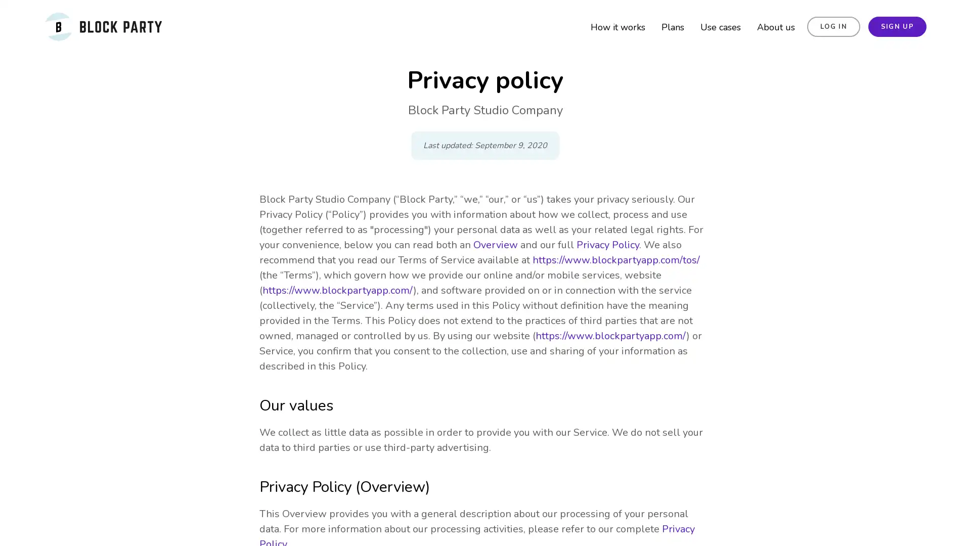 The image size is (971, 546). Describe the element at coordinates (833, 26) in the screenshot. I see `LOG IN` at that location.